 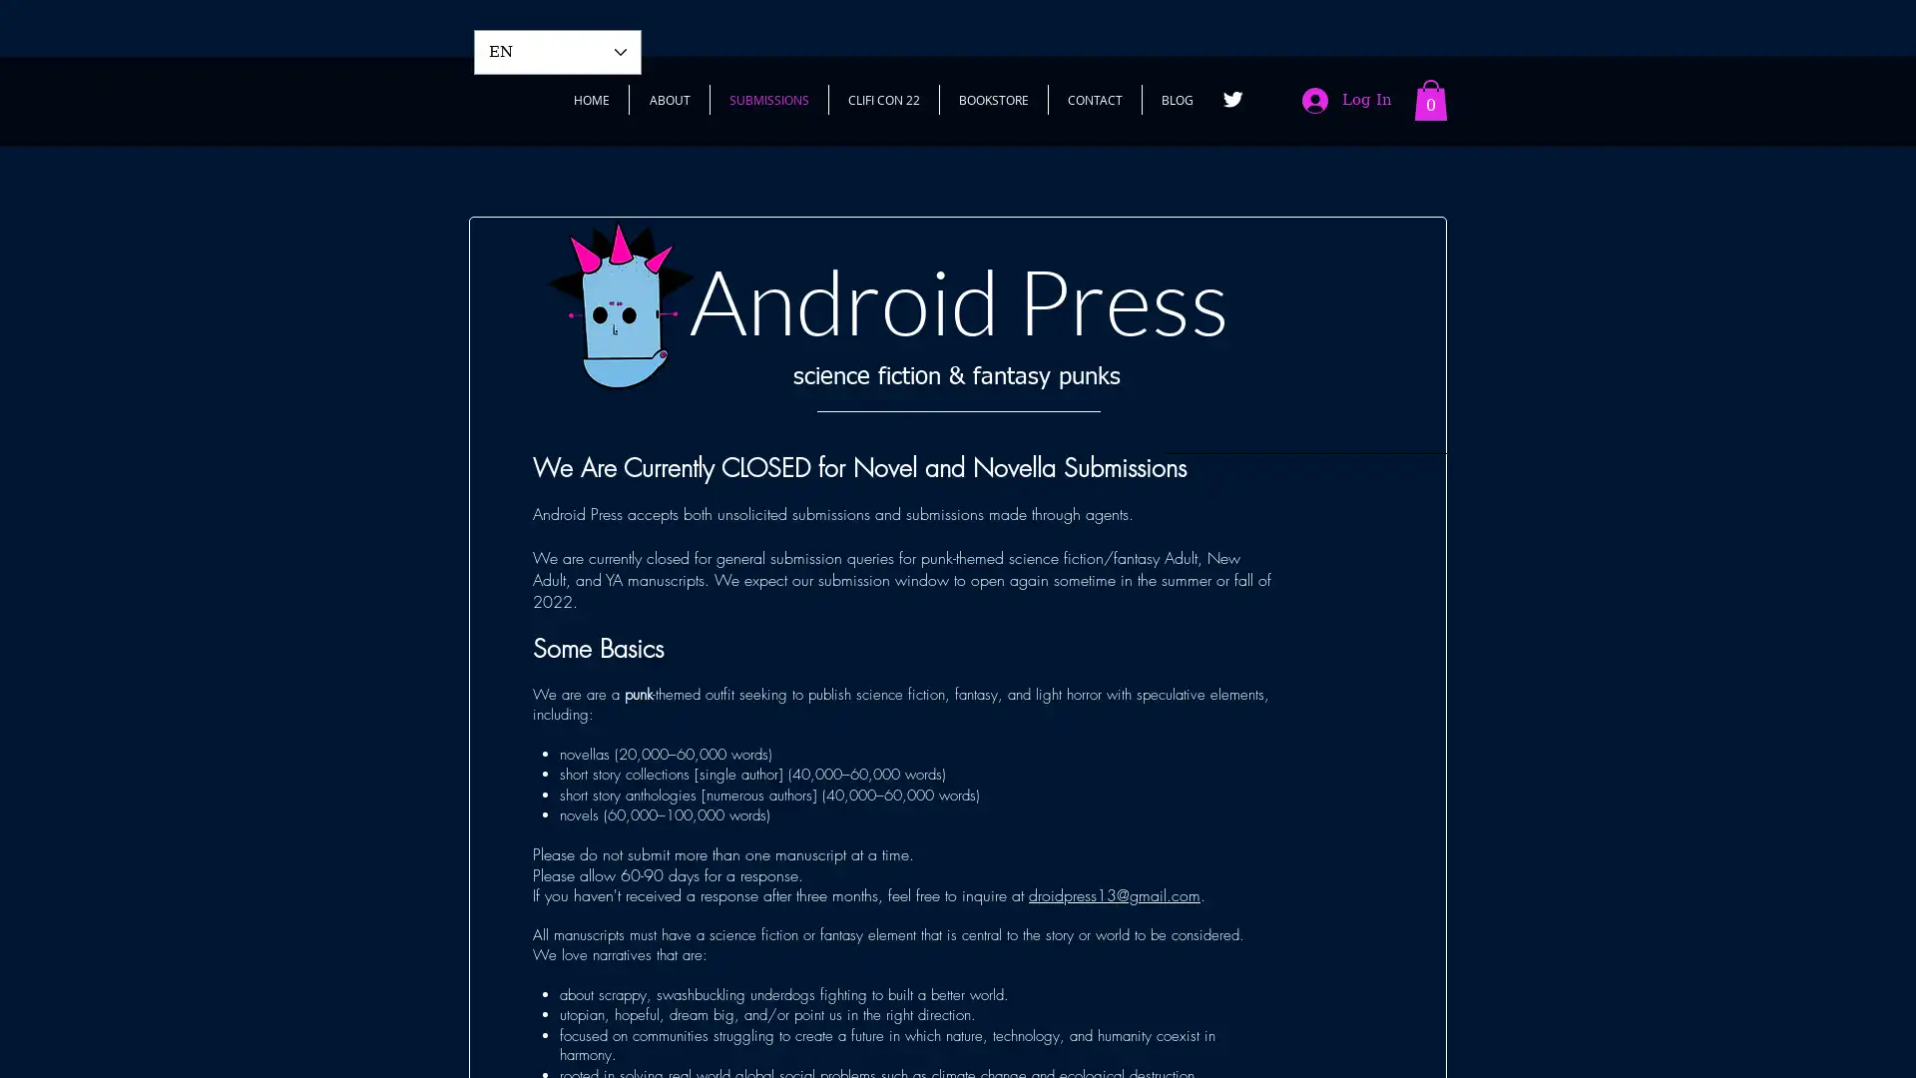 I want to click on Log In, so click(x=1346, y=100).